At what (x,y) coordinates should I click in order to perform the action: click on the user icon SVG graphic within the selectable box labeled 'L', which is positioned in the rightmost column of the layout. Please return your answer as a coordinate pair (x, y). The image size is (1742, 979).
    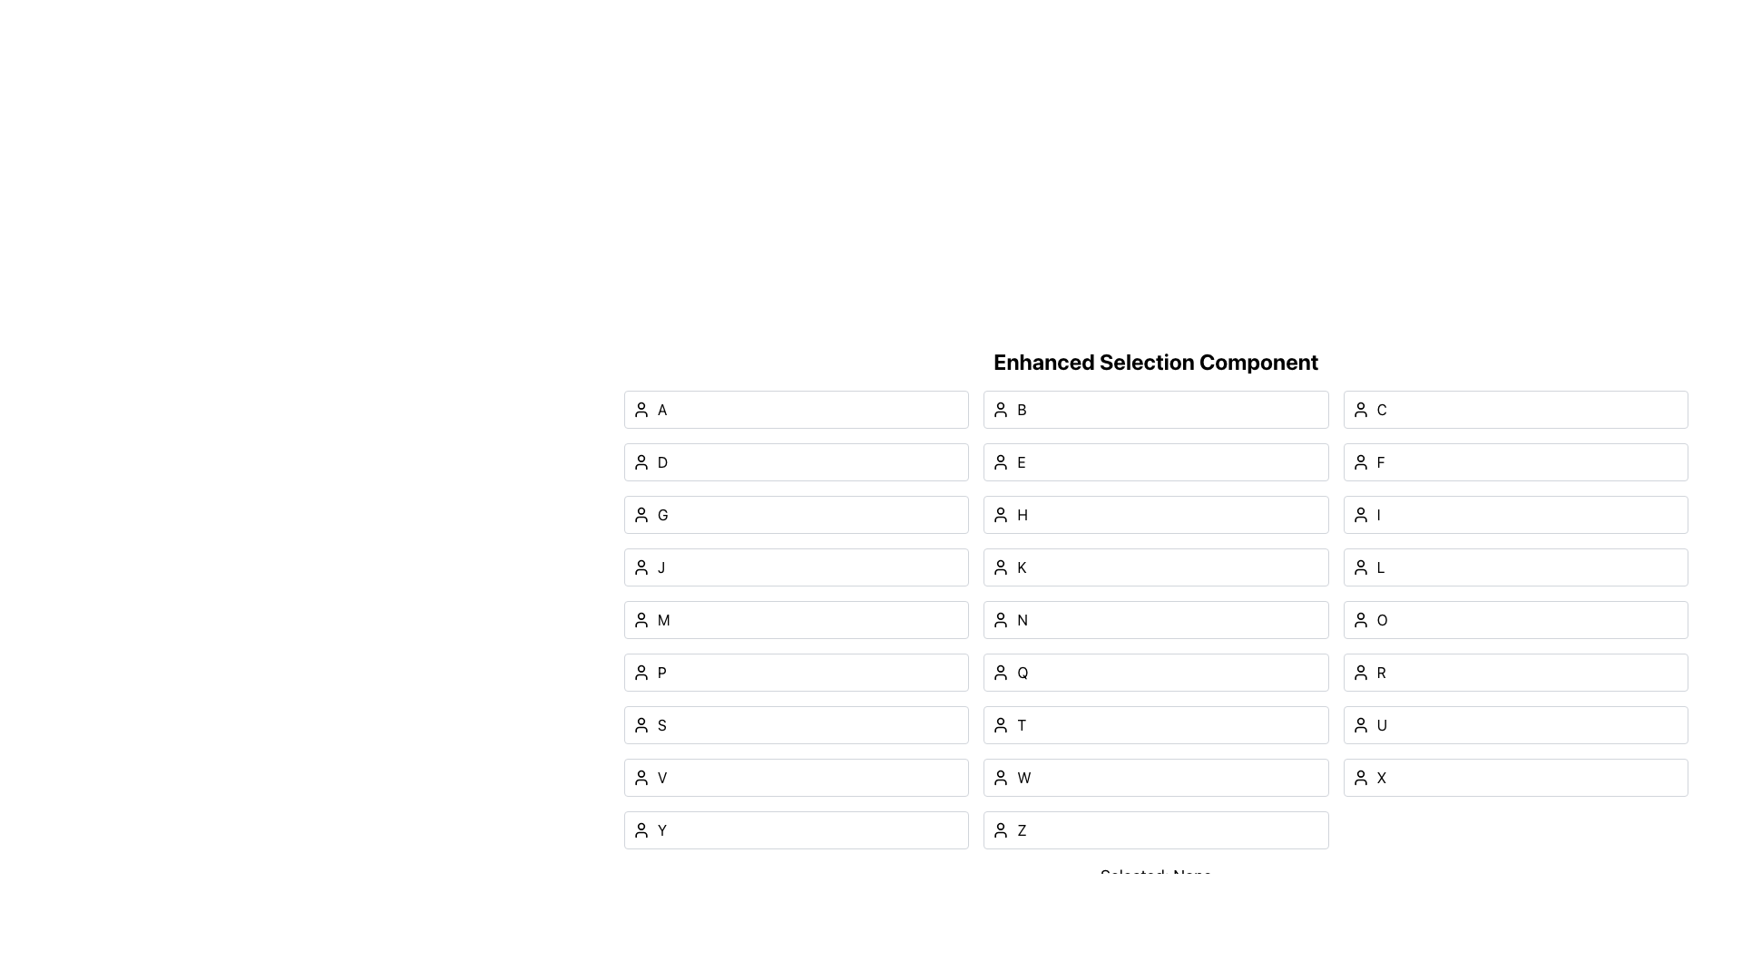
    Looking at the image, I should click on (1360, 566).